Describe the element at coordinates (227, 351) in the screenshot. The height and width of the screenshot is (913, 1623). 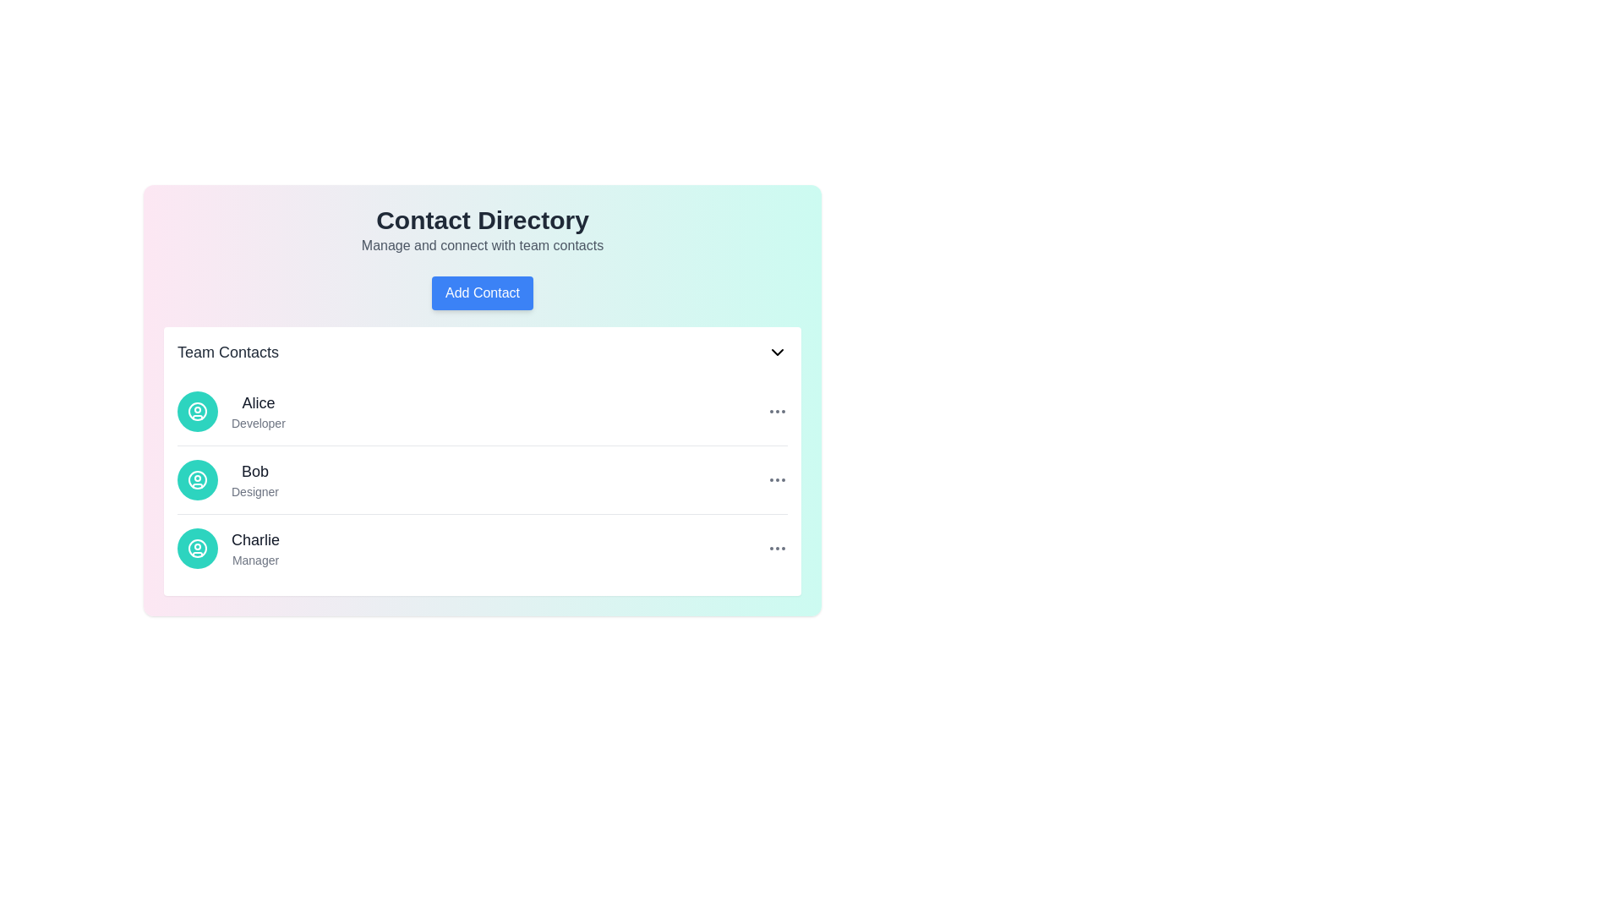
I see `the 'Team Contacts' text label, which is styled with a larger font size and dark gray color, located in the top left corner of the contact information box beneath the 'Contact Directory' heading` at that location.